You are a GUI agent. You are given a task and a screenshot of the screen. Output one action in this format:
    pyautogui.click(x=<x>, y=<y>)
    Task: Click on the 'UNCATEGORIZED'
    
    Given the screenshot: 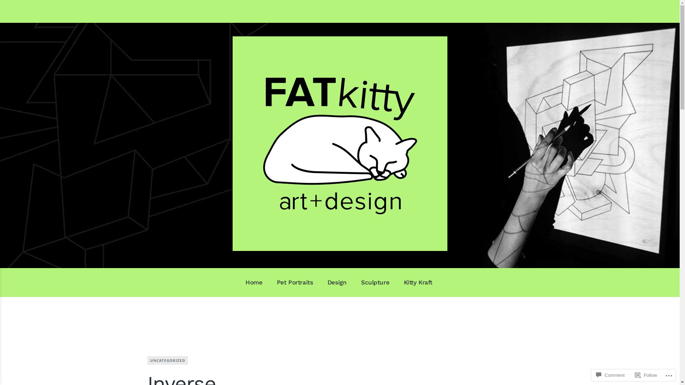 What is the action you would take?
    pyautogui.click(x=167, y=360)
    